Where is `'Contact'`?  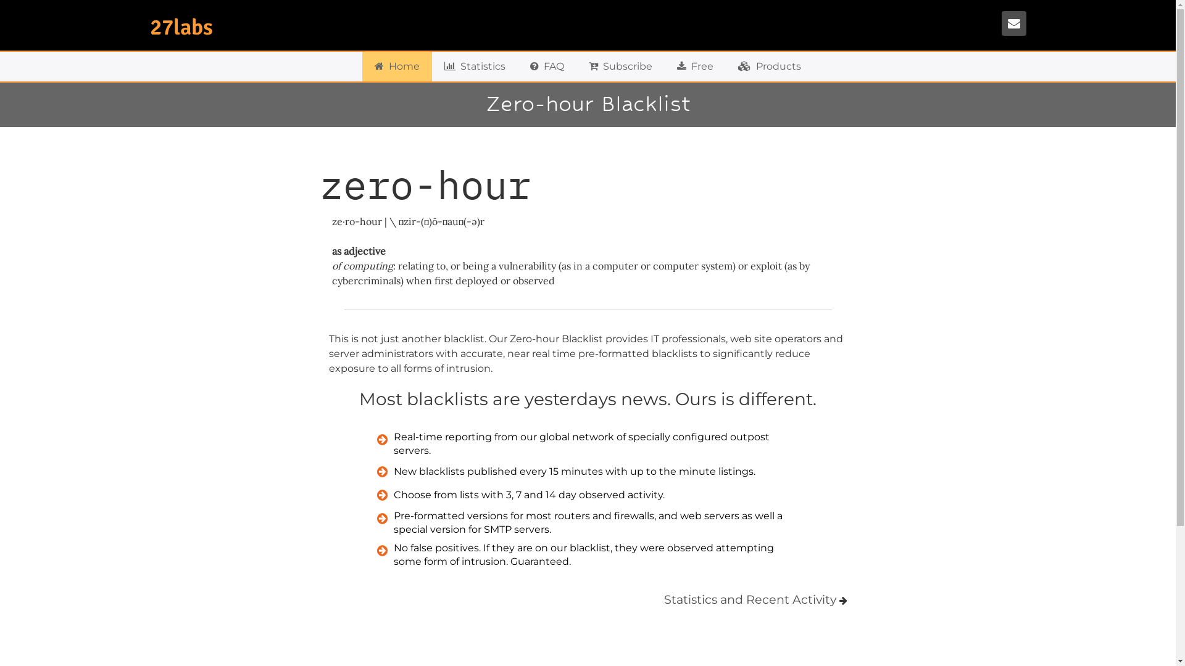 'Contact' is located at coordinates (1013, 23).